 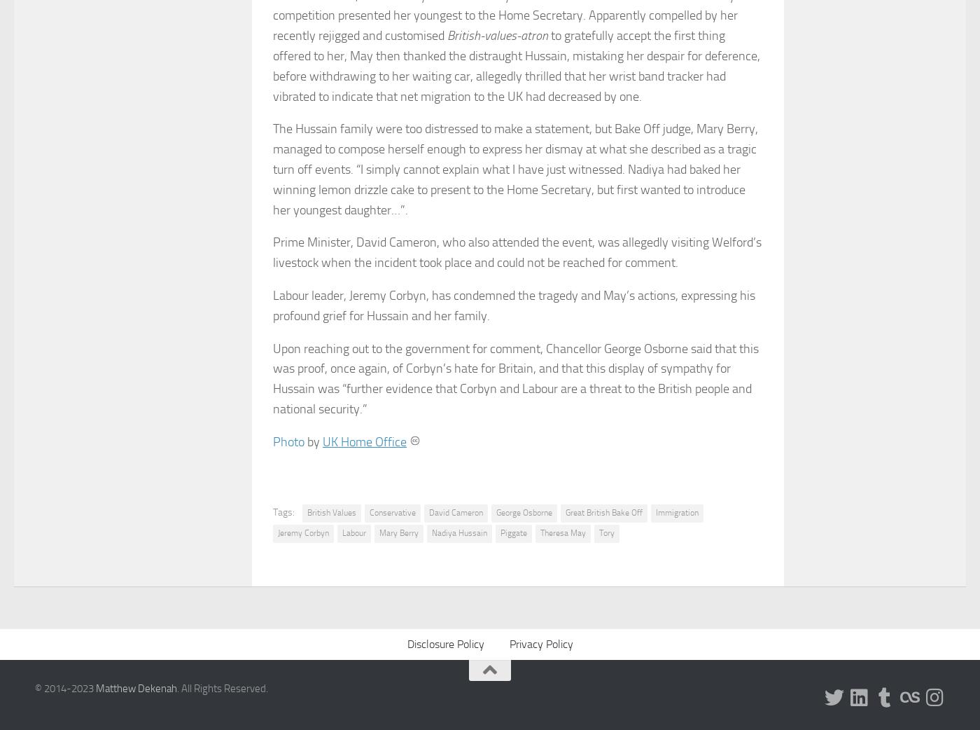 I want to click on 'Piggate', so click(x=513, y=532).